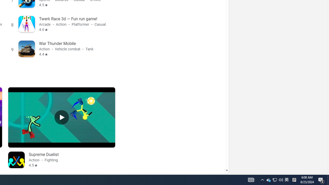 The height and width of the screenshot is (185, 329). Describe the element at coordinates (62, 117) in the screenshot. I see `'Play Supreme Duelist'` at that location.